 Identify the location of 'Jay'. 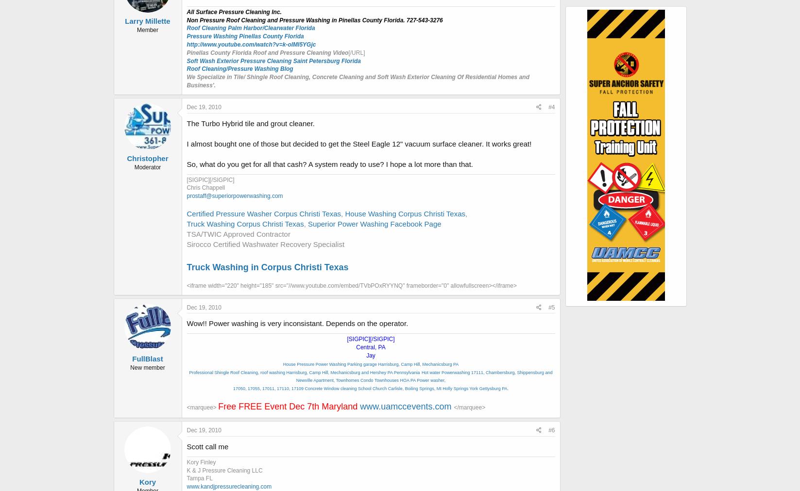
(366, 355).